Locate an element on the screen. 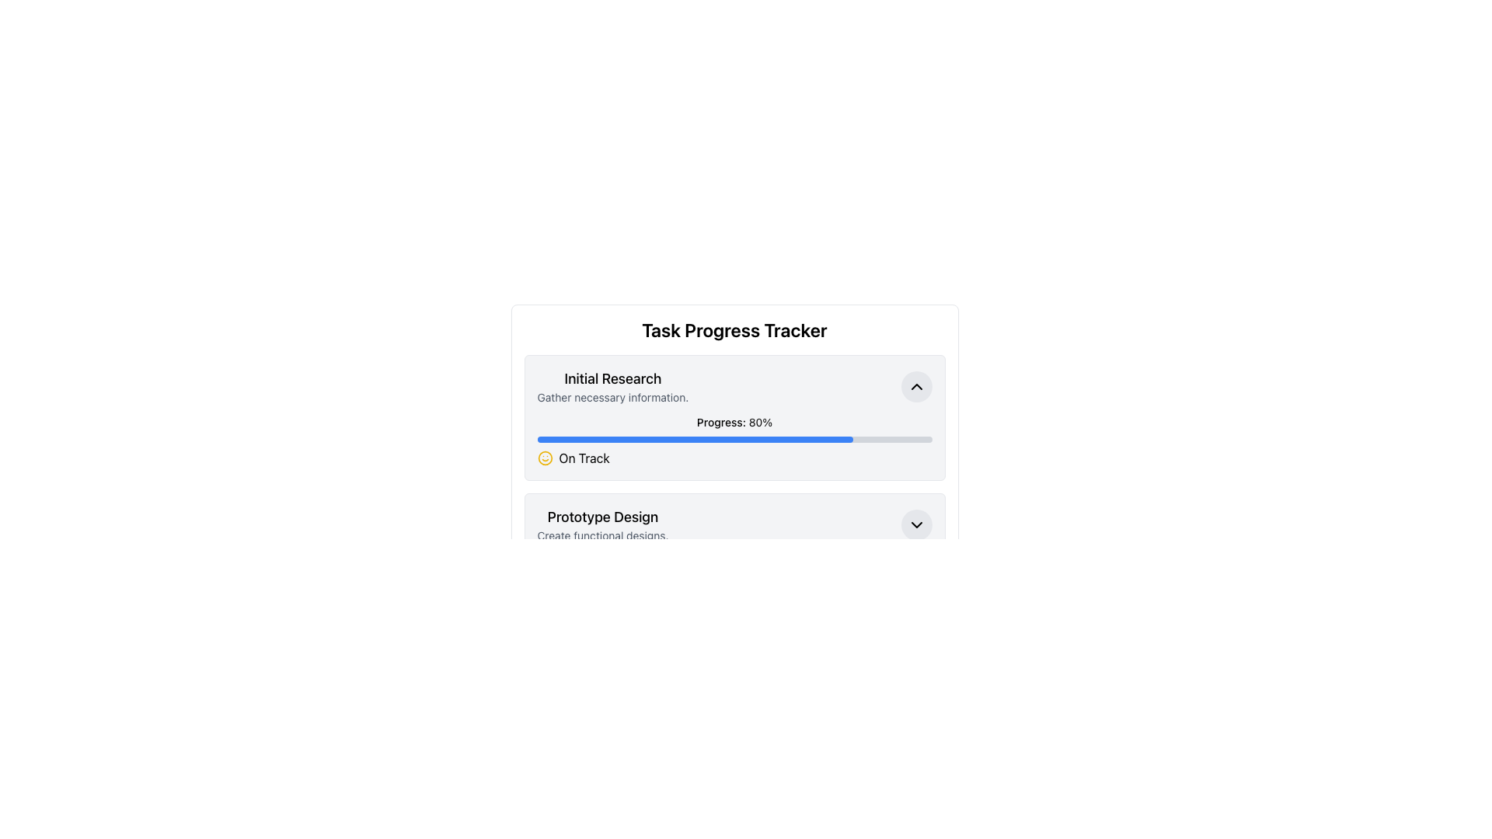 Image resolution: width=1492 pixels, height=839 pixels. text from the Text Block titled 'Initial Research' which contains a subtitle 'Gather necessary information.' is located at coordinates (612, 385).